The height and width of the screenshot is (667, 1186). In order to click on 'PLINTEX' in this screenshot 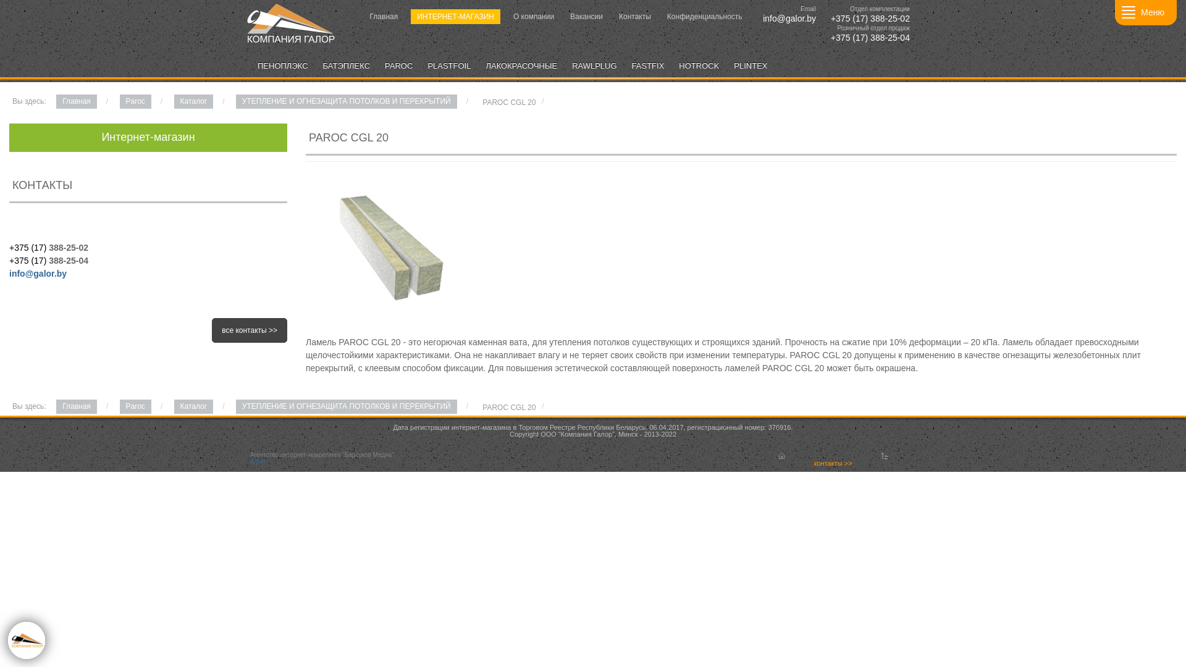, I will do `click(749, 66)`.